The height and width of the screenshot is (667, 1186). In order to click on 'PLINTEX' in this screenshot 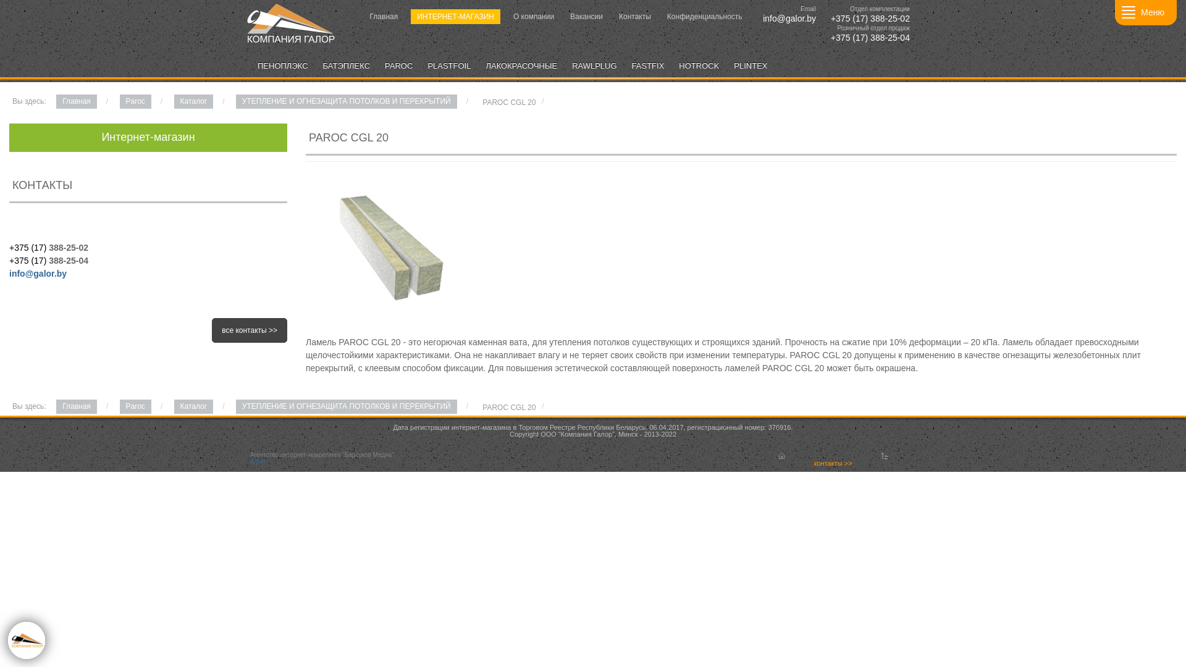, I will do `click(749, 66)`.